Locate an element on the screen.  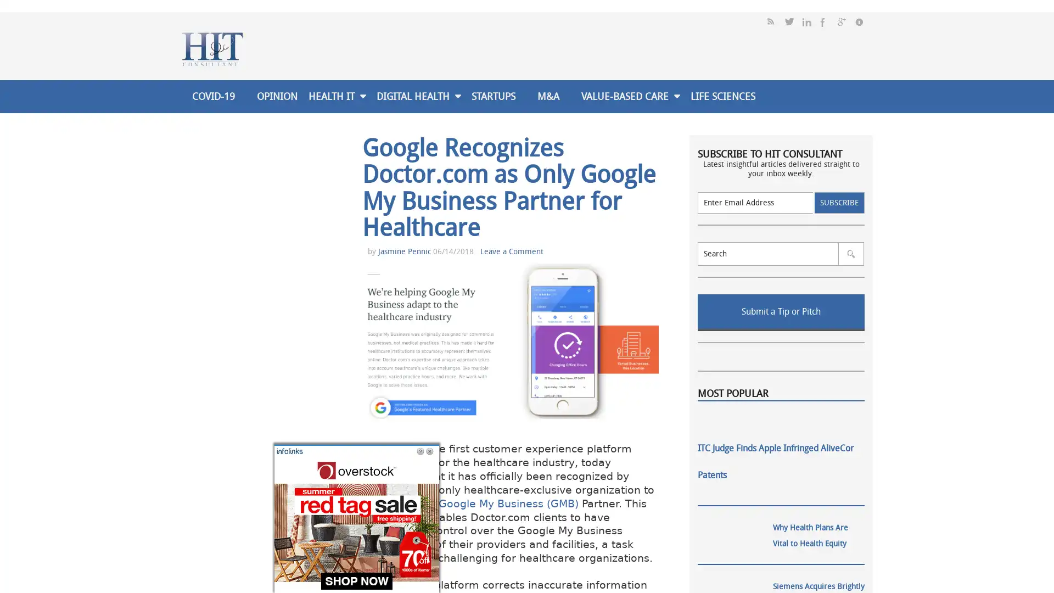
SUBMIT is located at coordinates (850, 254).